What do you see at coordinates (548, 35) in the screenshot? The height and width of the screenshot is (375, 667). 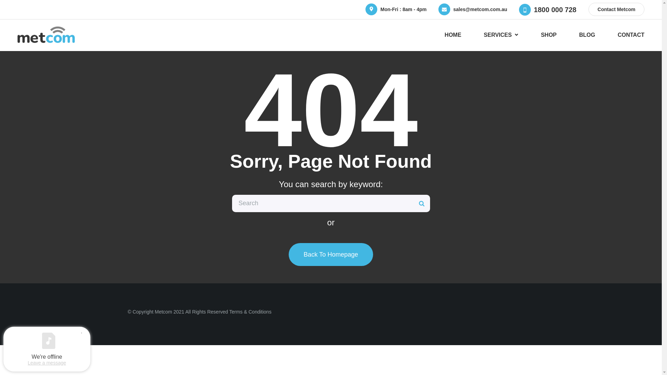 I see `'SHOP'` at bounding box center [548, 35].